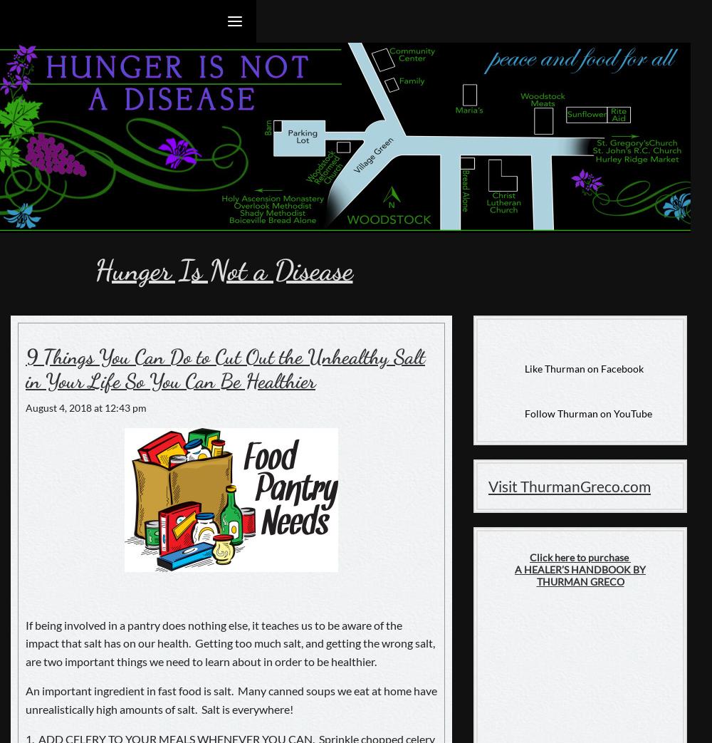  I want to click on 'If being involved in a pantry does nothing else, it teaches us to be aware of the impact that salt has on our health.  Getting too much salt, and getting the wrong salt, are two important things we need to learn about in order to be healthier.', so click(229, 641).